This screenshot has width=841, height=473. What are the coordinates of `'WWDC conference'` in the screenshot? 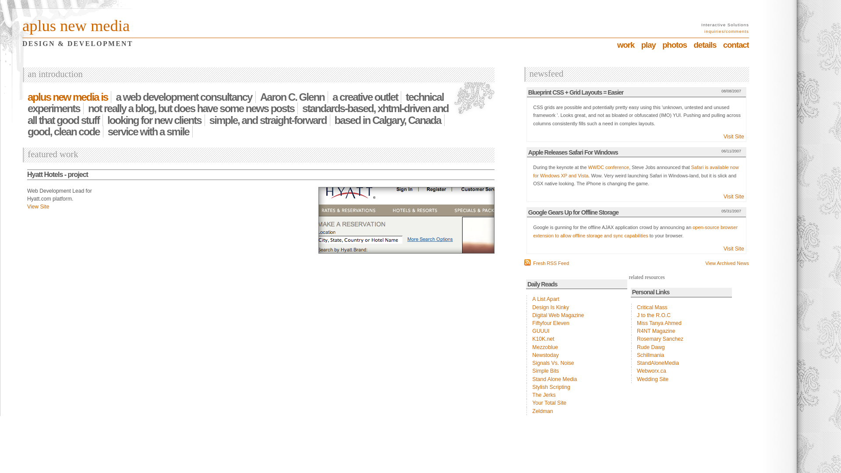 It's located at (608, 167).